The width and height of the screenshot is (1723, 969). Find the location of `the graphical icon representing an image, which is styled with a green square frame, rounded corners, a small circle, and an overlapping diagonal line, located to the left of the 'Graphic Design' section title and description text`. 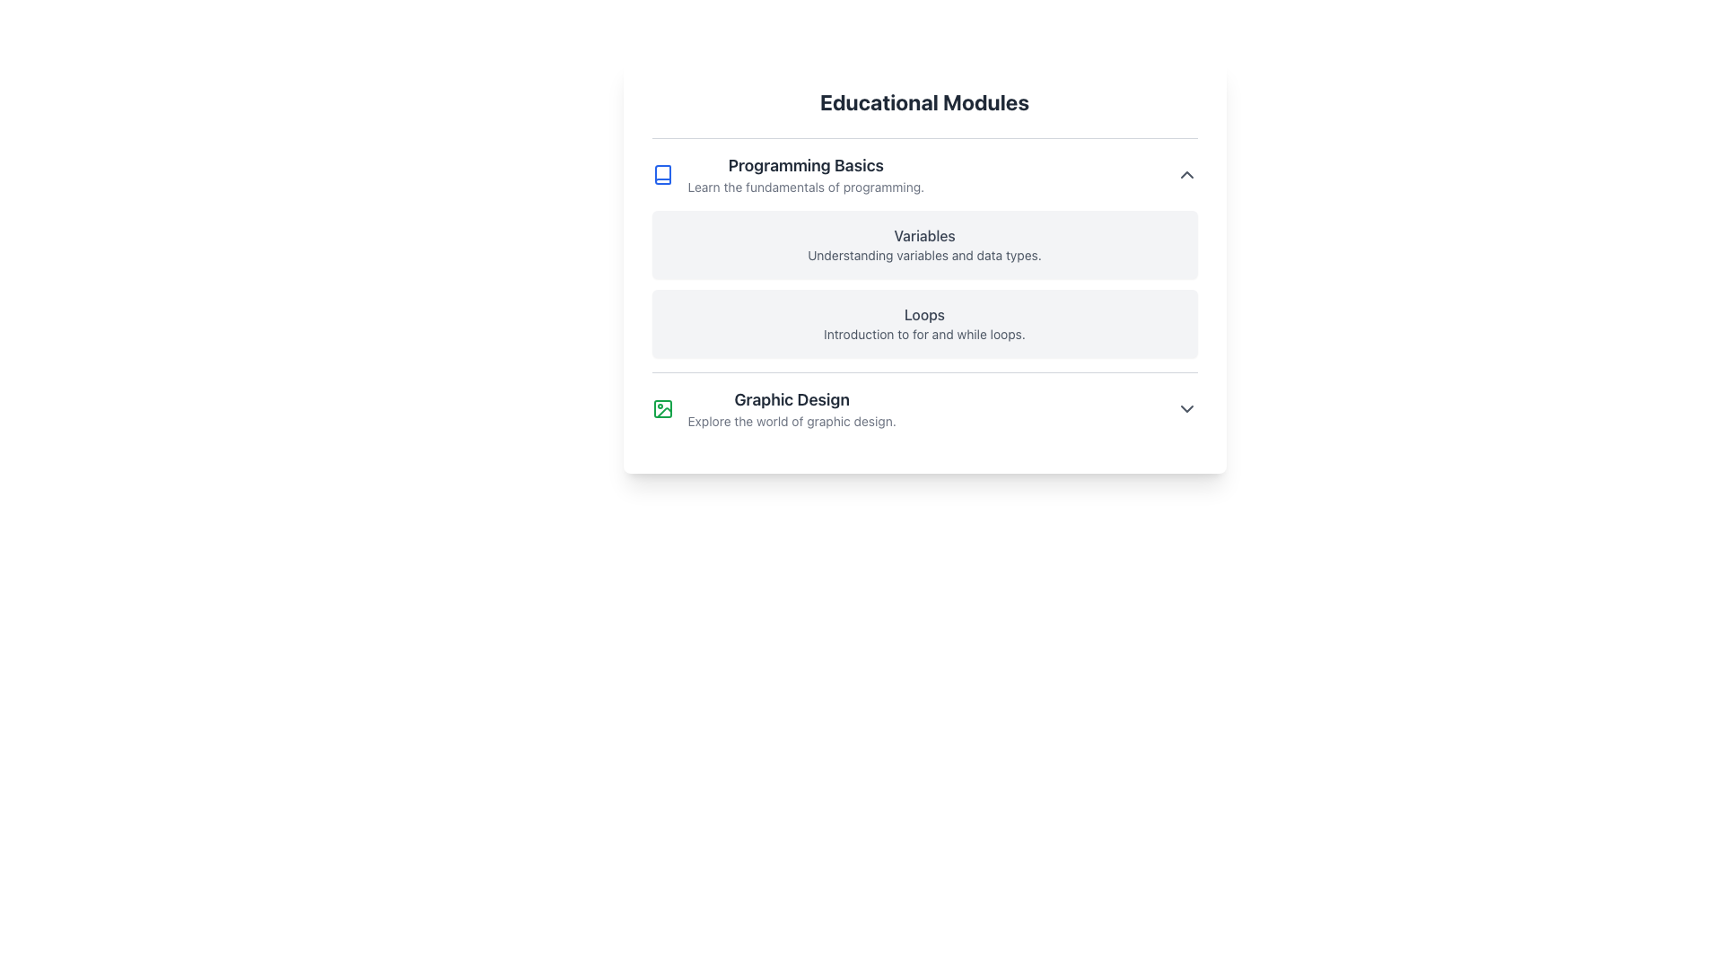

the graphical icon representing an image, which is styled with a green square frame, rounded corners, a small circle, and an overlapping diagonal line, located to the left of the 'Graphic Design' section title and description text is located at coordinates (661, 408).